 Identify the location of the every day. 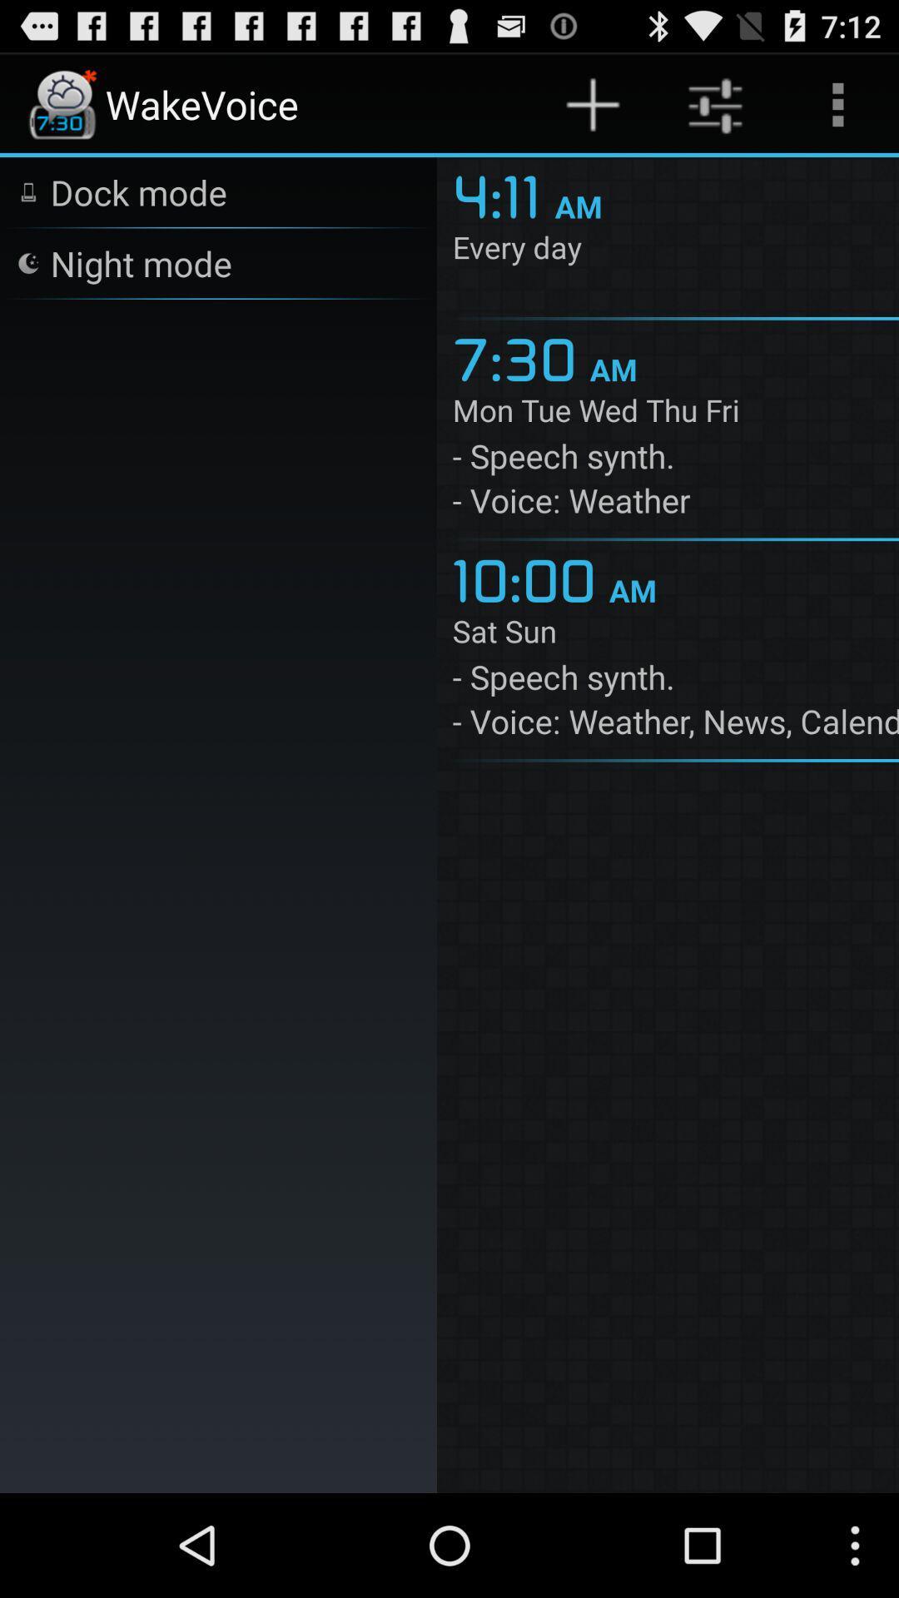
(675, 250).